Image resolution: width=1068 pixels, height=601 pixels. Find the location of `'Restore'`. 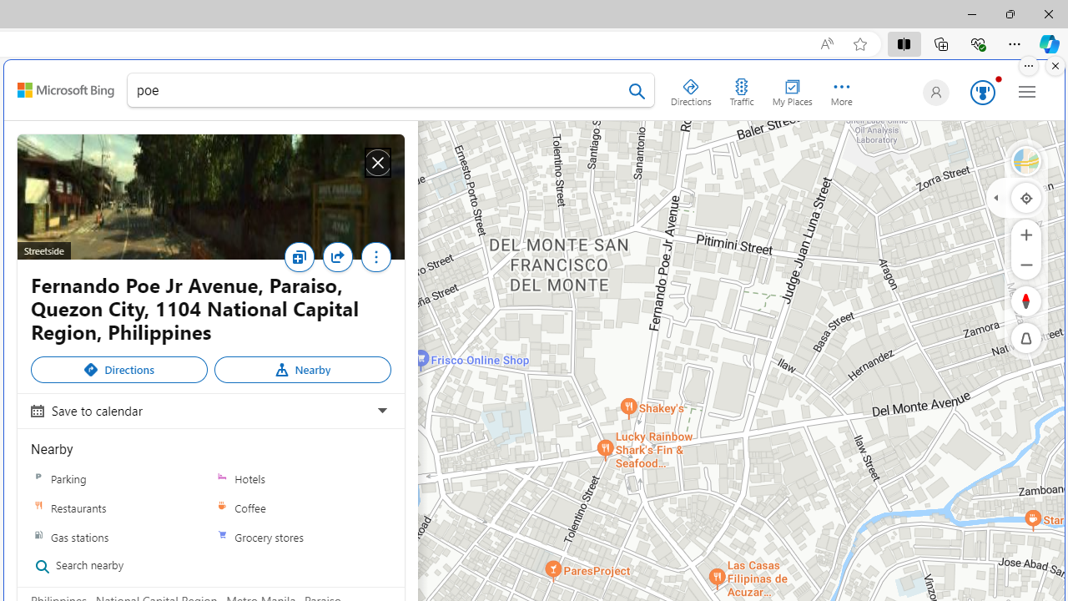

'Restore' is located at coordinates (1009, 13).